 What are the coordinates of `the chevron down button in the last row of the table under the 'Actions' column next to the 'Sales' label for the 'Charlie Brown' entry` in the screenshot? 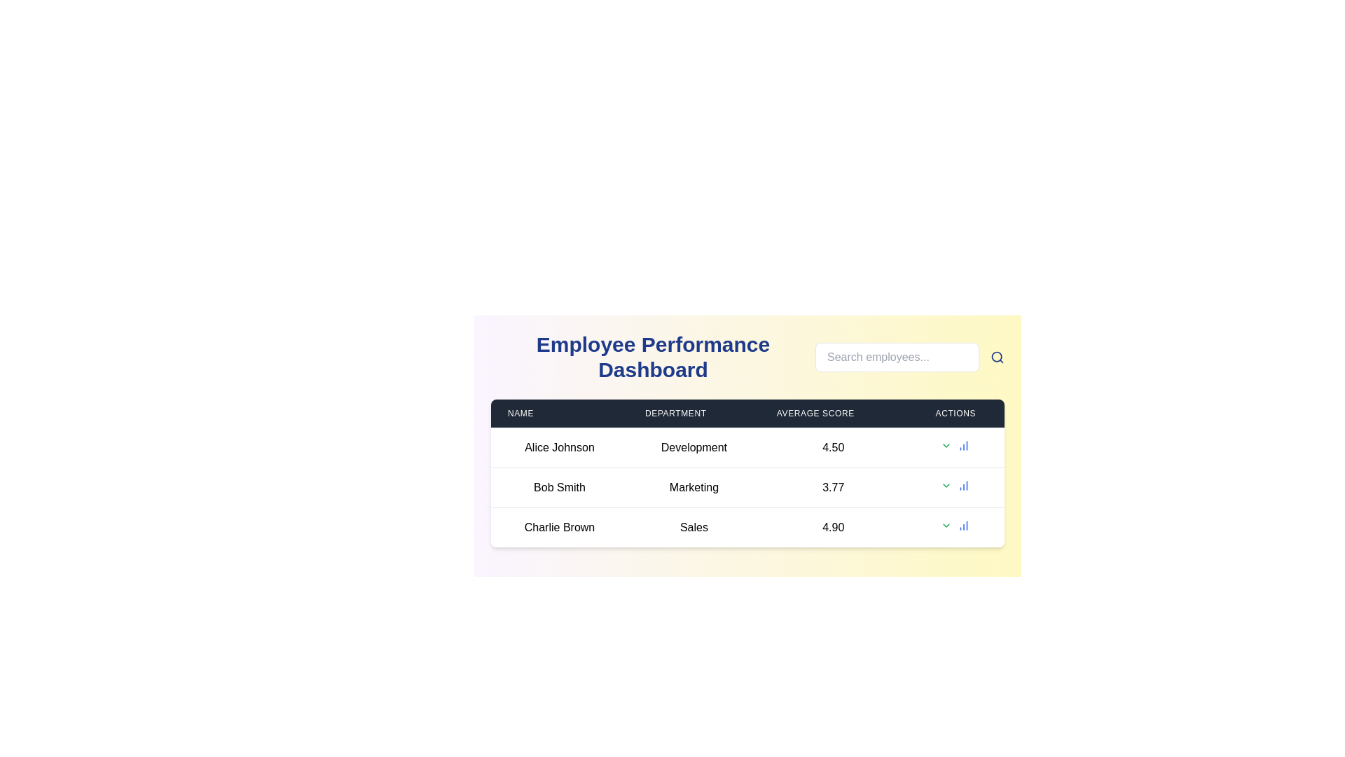 It's located at (946, 525).